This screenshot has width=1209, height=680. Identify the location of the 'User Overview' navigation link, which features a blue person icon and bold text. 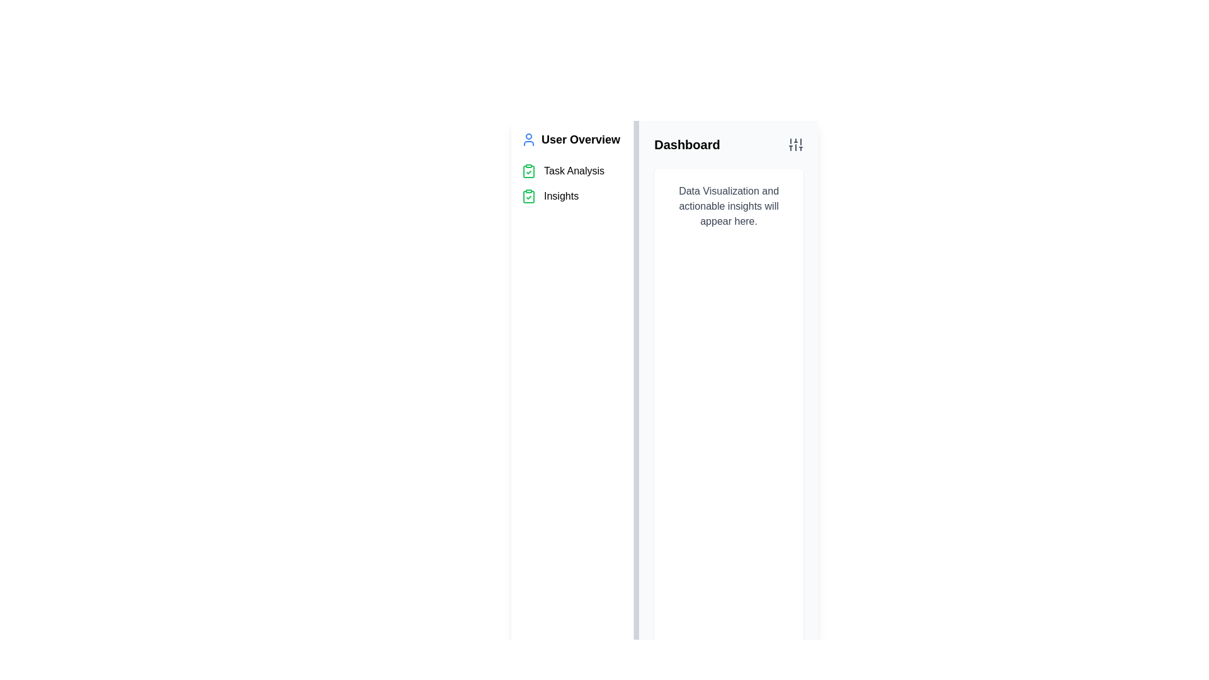
(572, 140).